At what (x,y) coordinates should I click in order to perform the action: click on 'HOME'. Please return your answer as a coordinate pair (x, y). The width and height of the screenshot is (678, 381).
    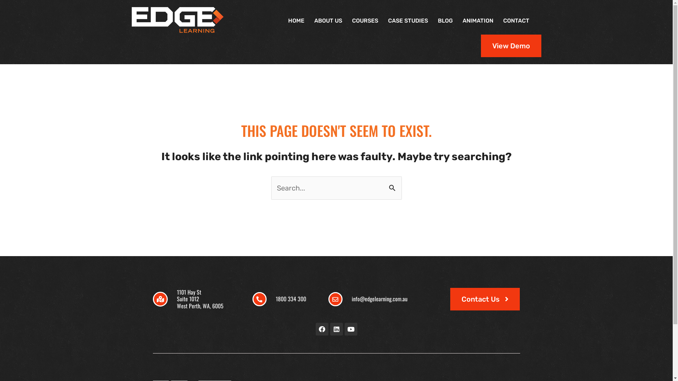
    Looking at the image, I should click on (296, 20).